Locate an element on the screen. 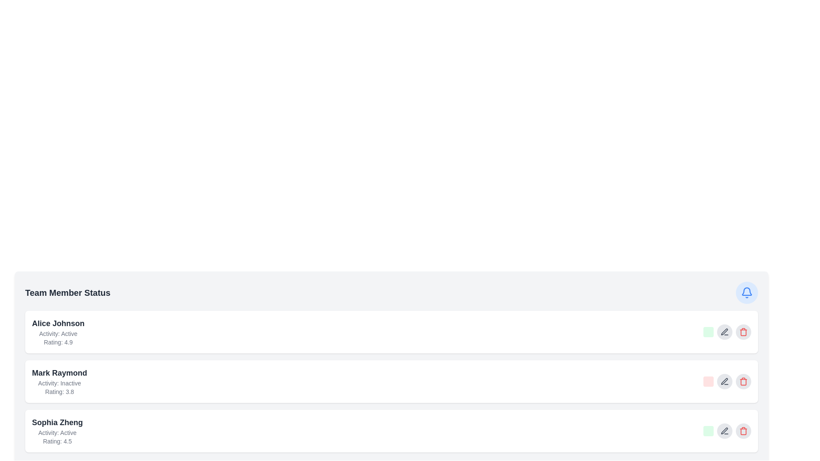  the circular gray button with a pen icon is located at coordinates (724, 381).